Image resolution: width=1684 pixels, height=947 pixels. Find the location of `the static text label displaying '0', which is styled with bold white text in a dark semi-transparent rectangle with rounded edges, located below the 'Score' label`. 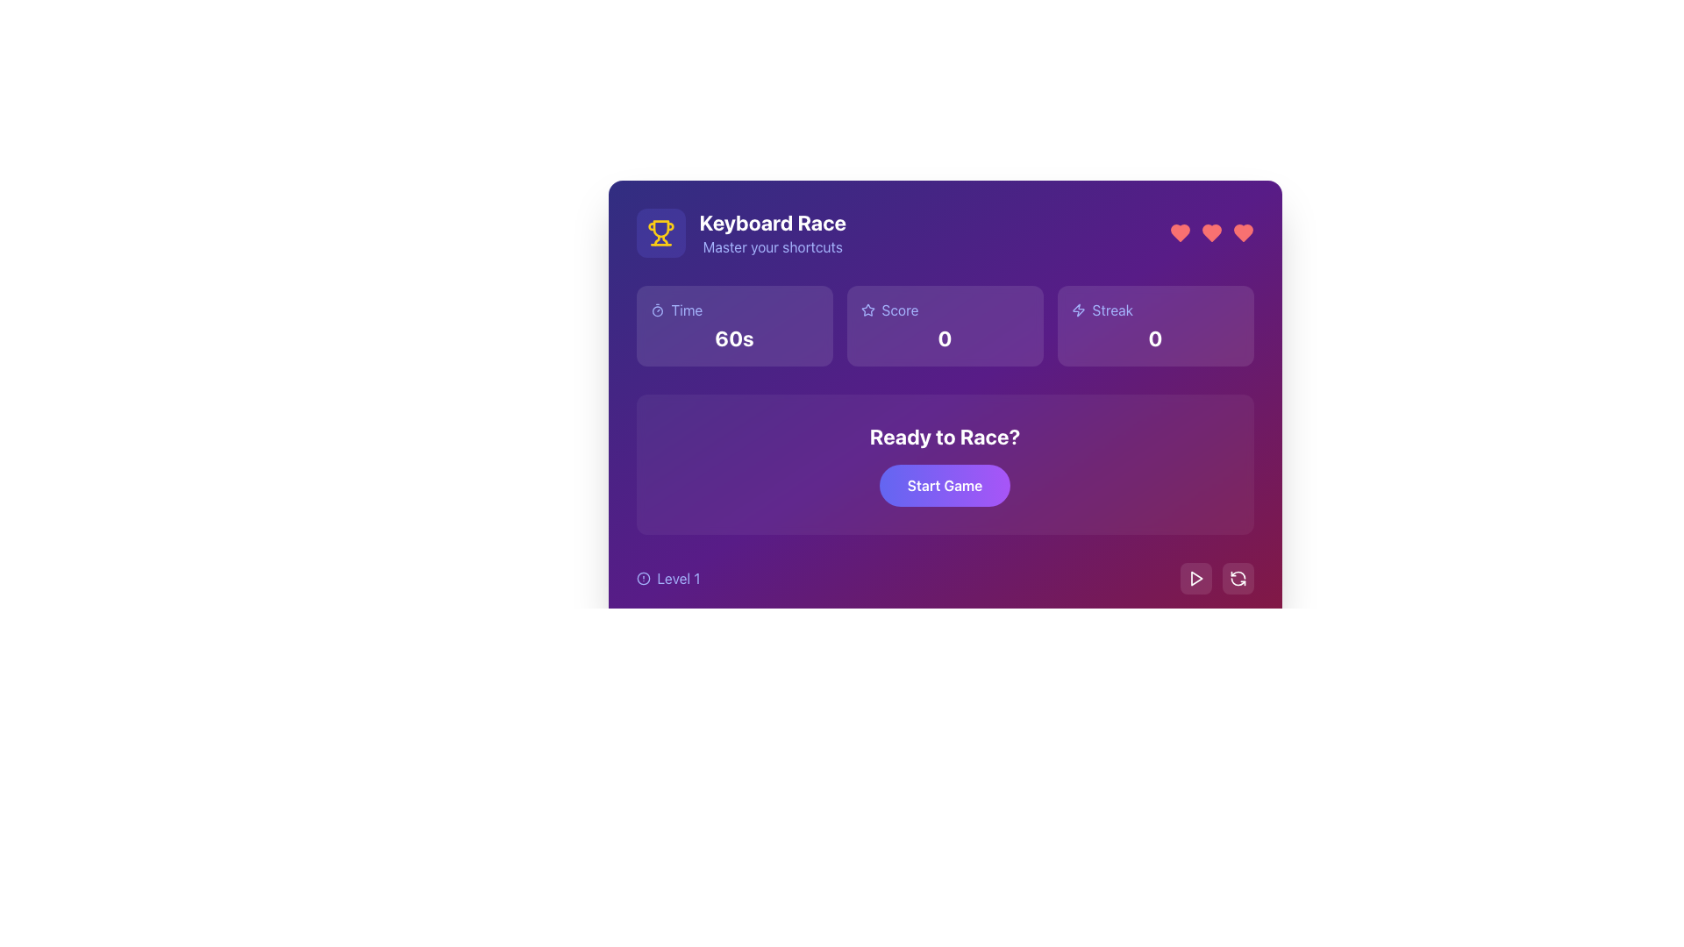

the static text label displaying '0', which is styled with bold white text in a dark semi-transparent rectangle with rounded edges, located below the 'Score' label is located at coordinates (944, 338).